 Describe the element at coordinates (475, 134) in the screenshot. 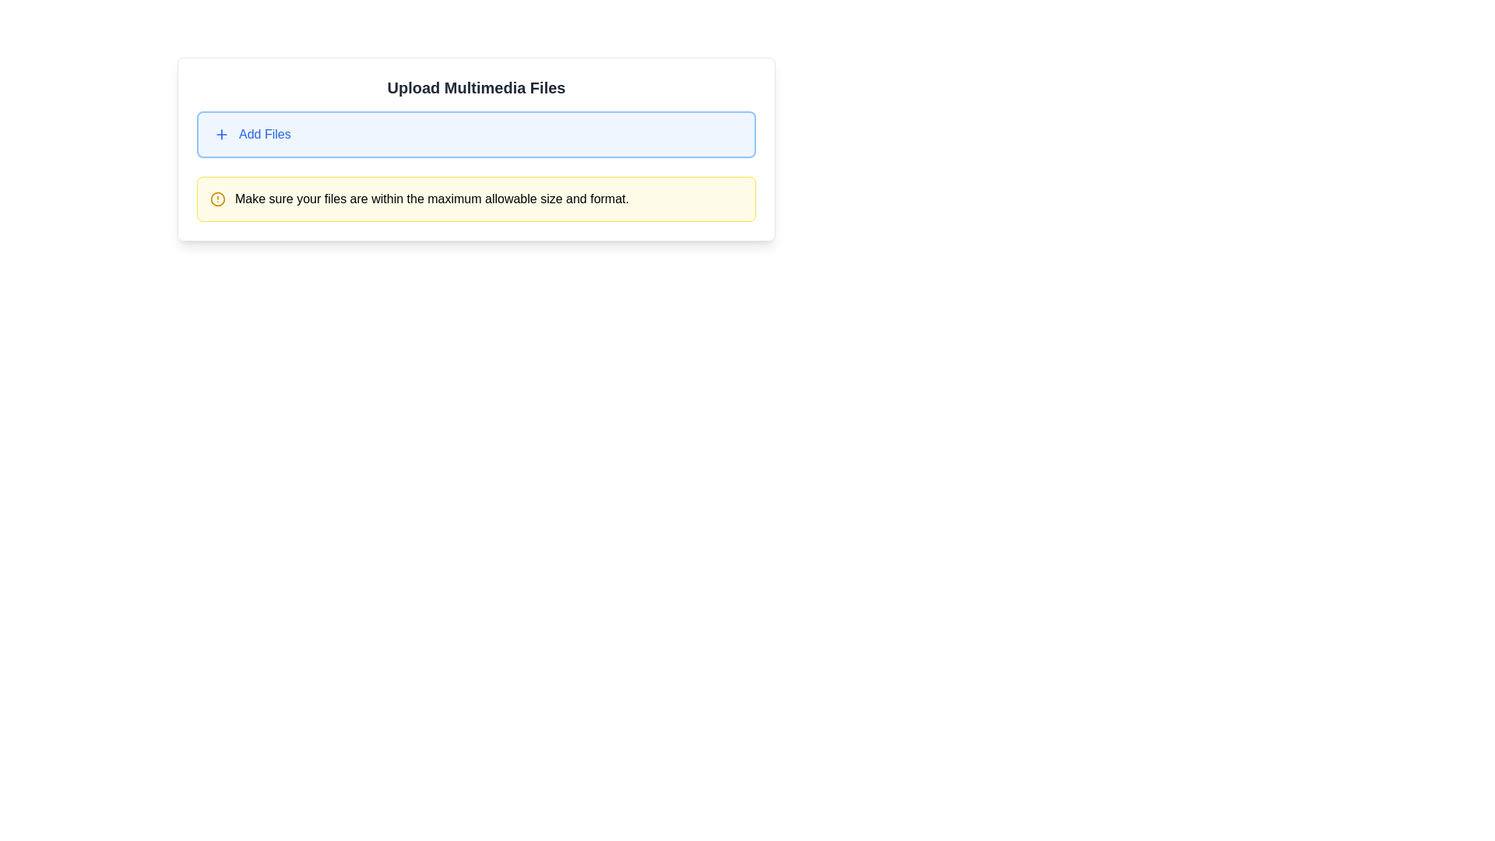

I see `the file upload button located beneath the title 'Upload Multimedia Files' to initiate the file selection dialog for uploading multimedia files` at that location.